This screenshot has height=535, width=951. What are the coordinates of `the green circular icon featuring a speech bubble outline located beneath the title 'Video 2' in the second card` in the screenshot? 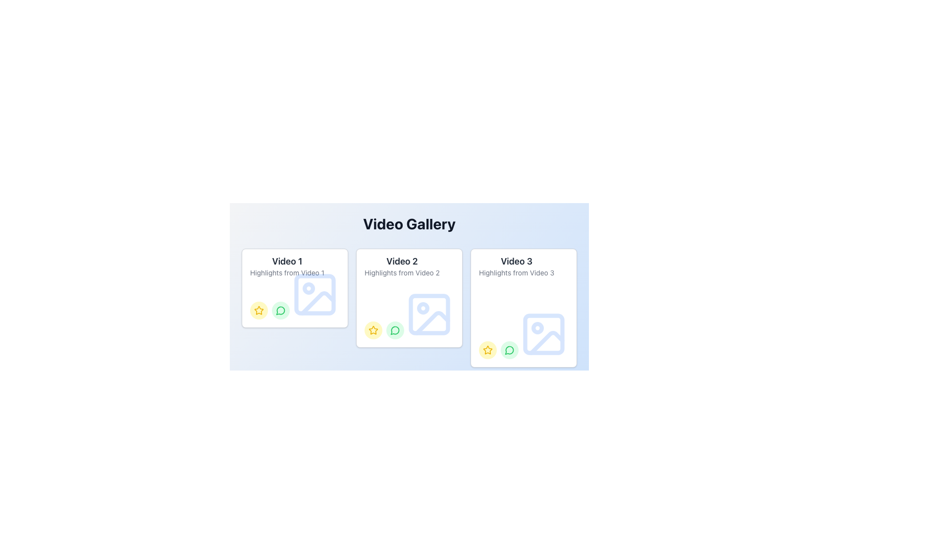 It's located at (394, 330).